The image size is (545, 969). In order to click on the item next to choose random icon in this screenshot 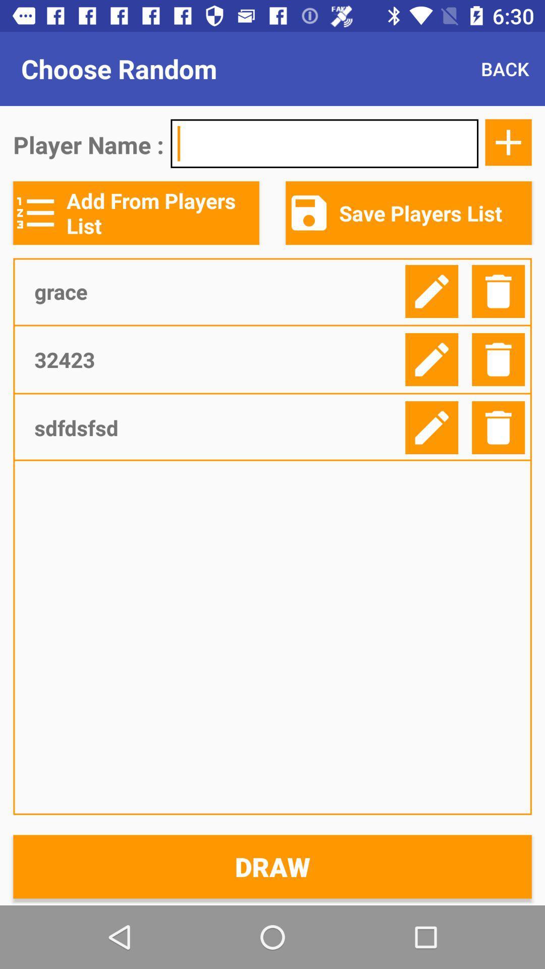, I will do `click(505, 68)`.